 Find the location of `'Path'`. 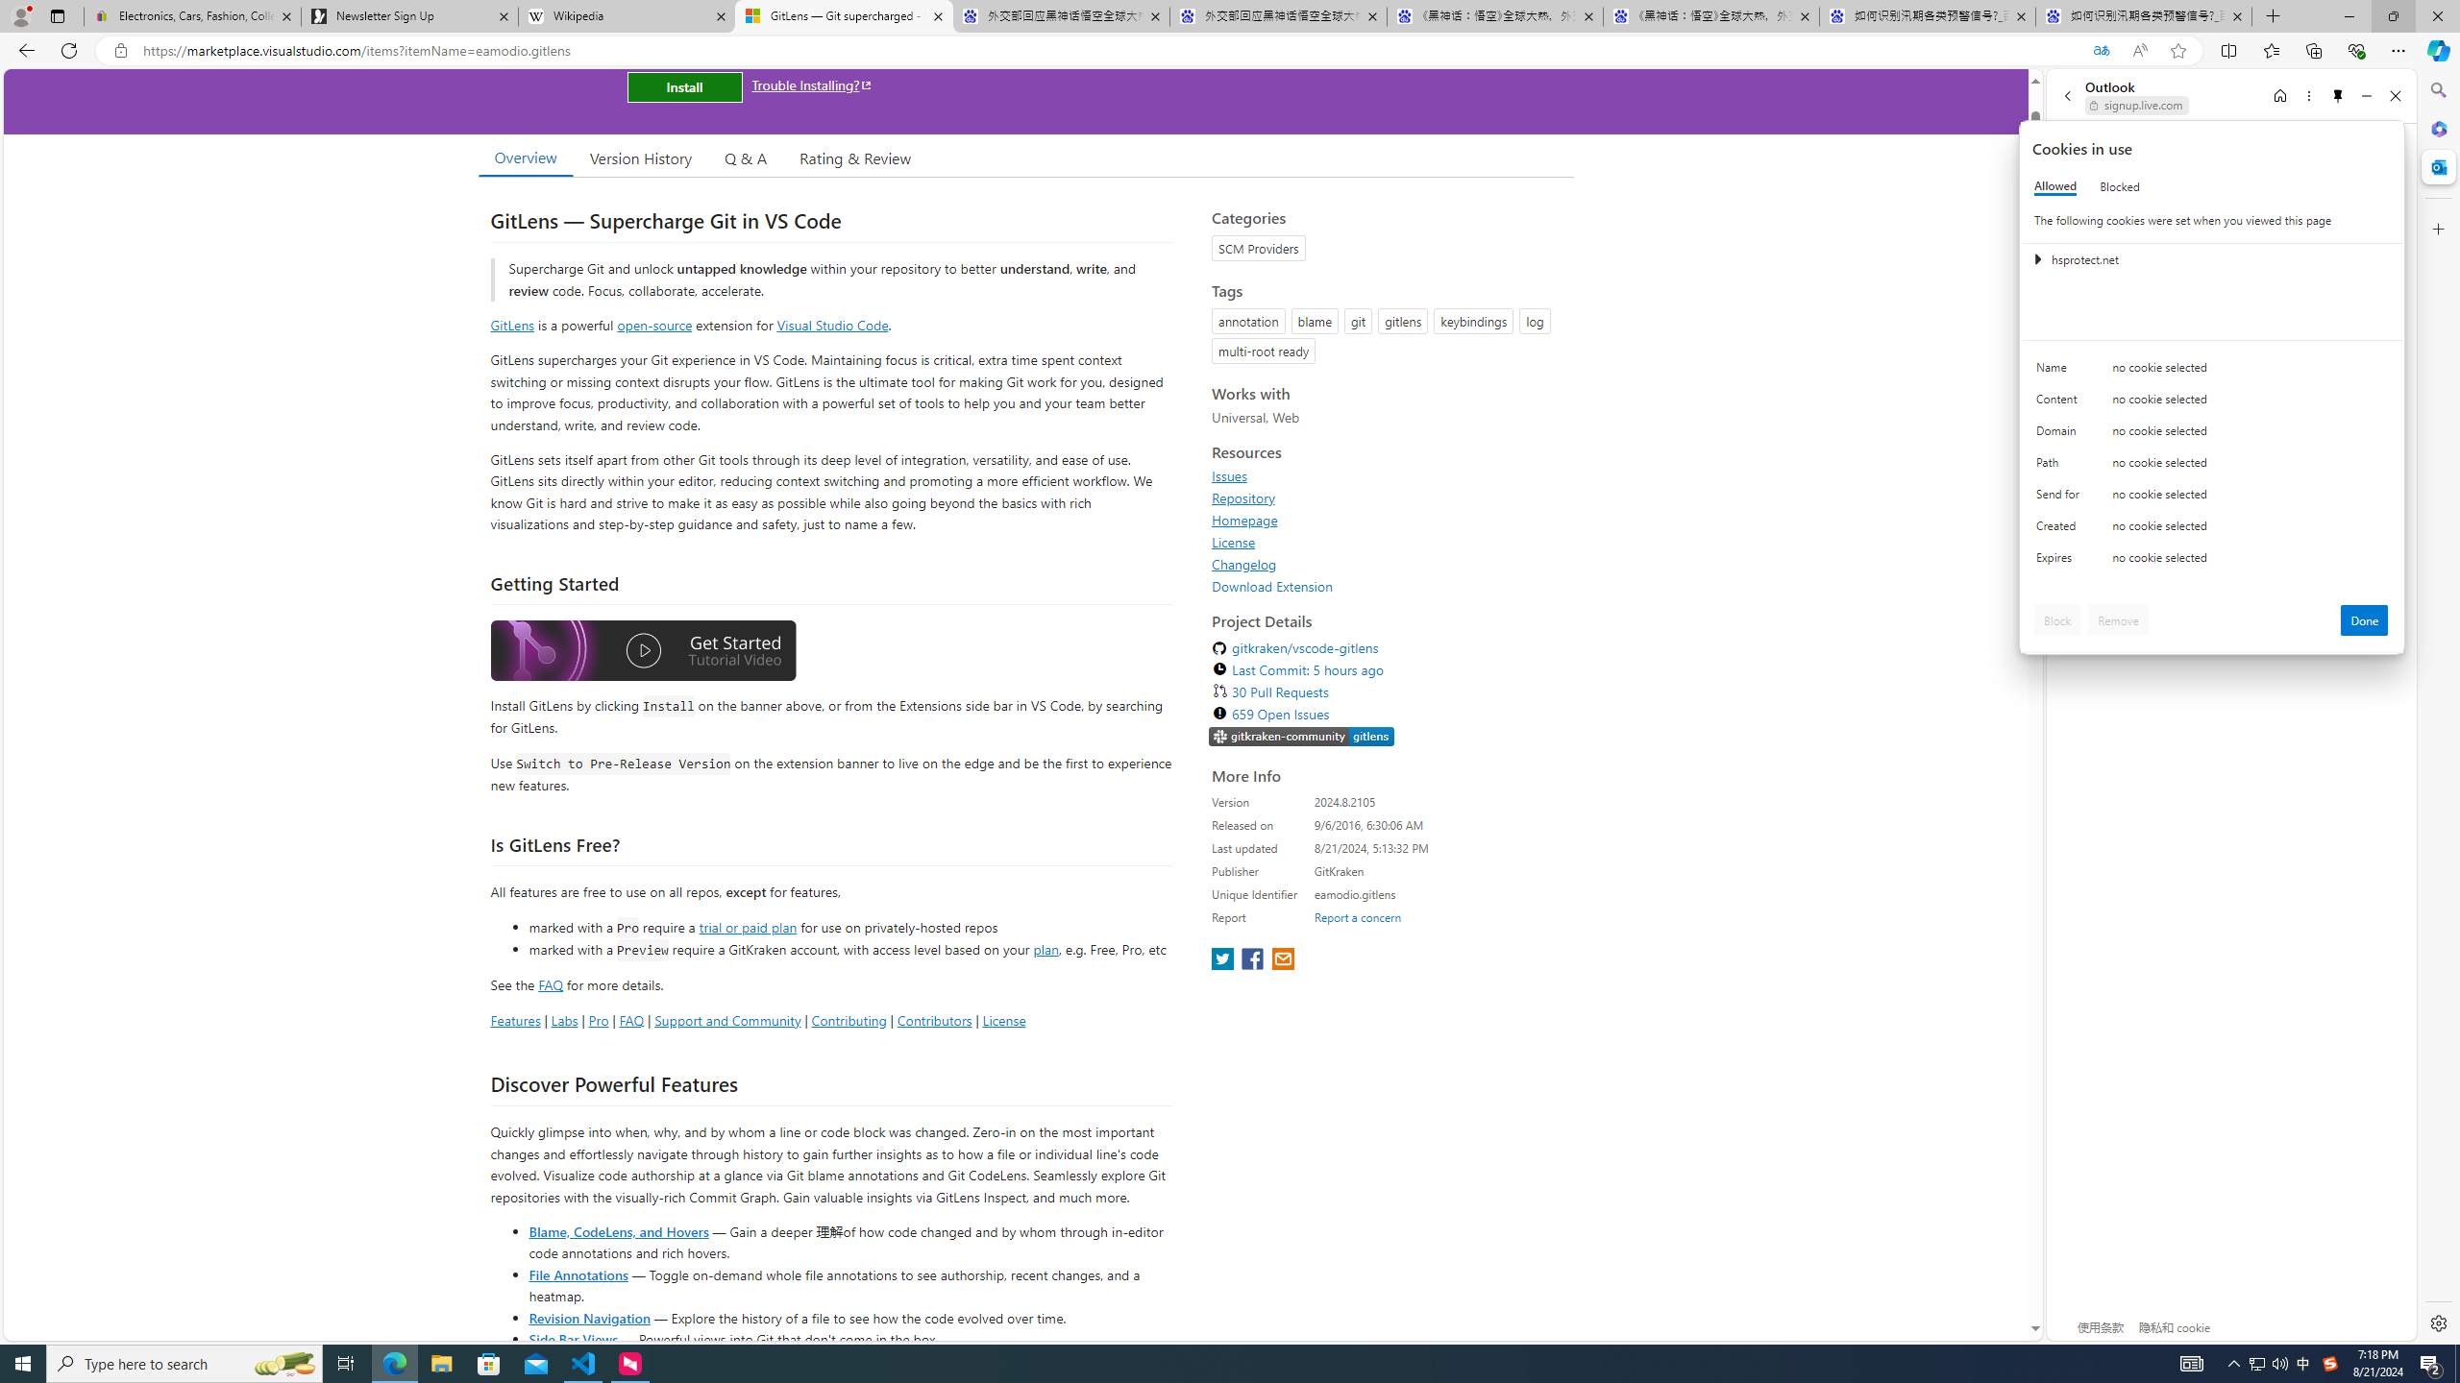

'Path' is located at coordinates (2060, 467).